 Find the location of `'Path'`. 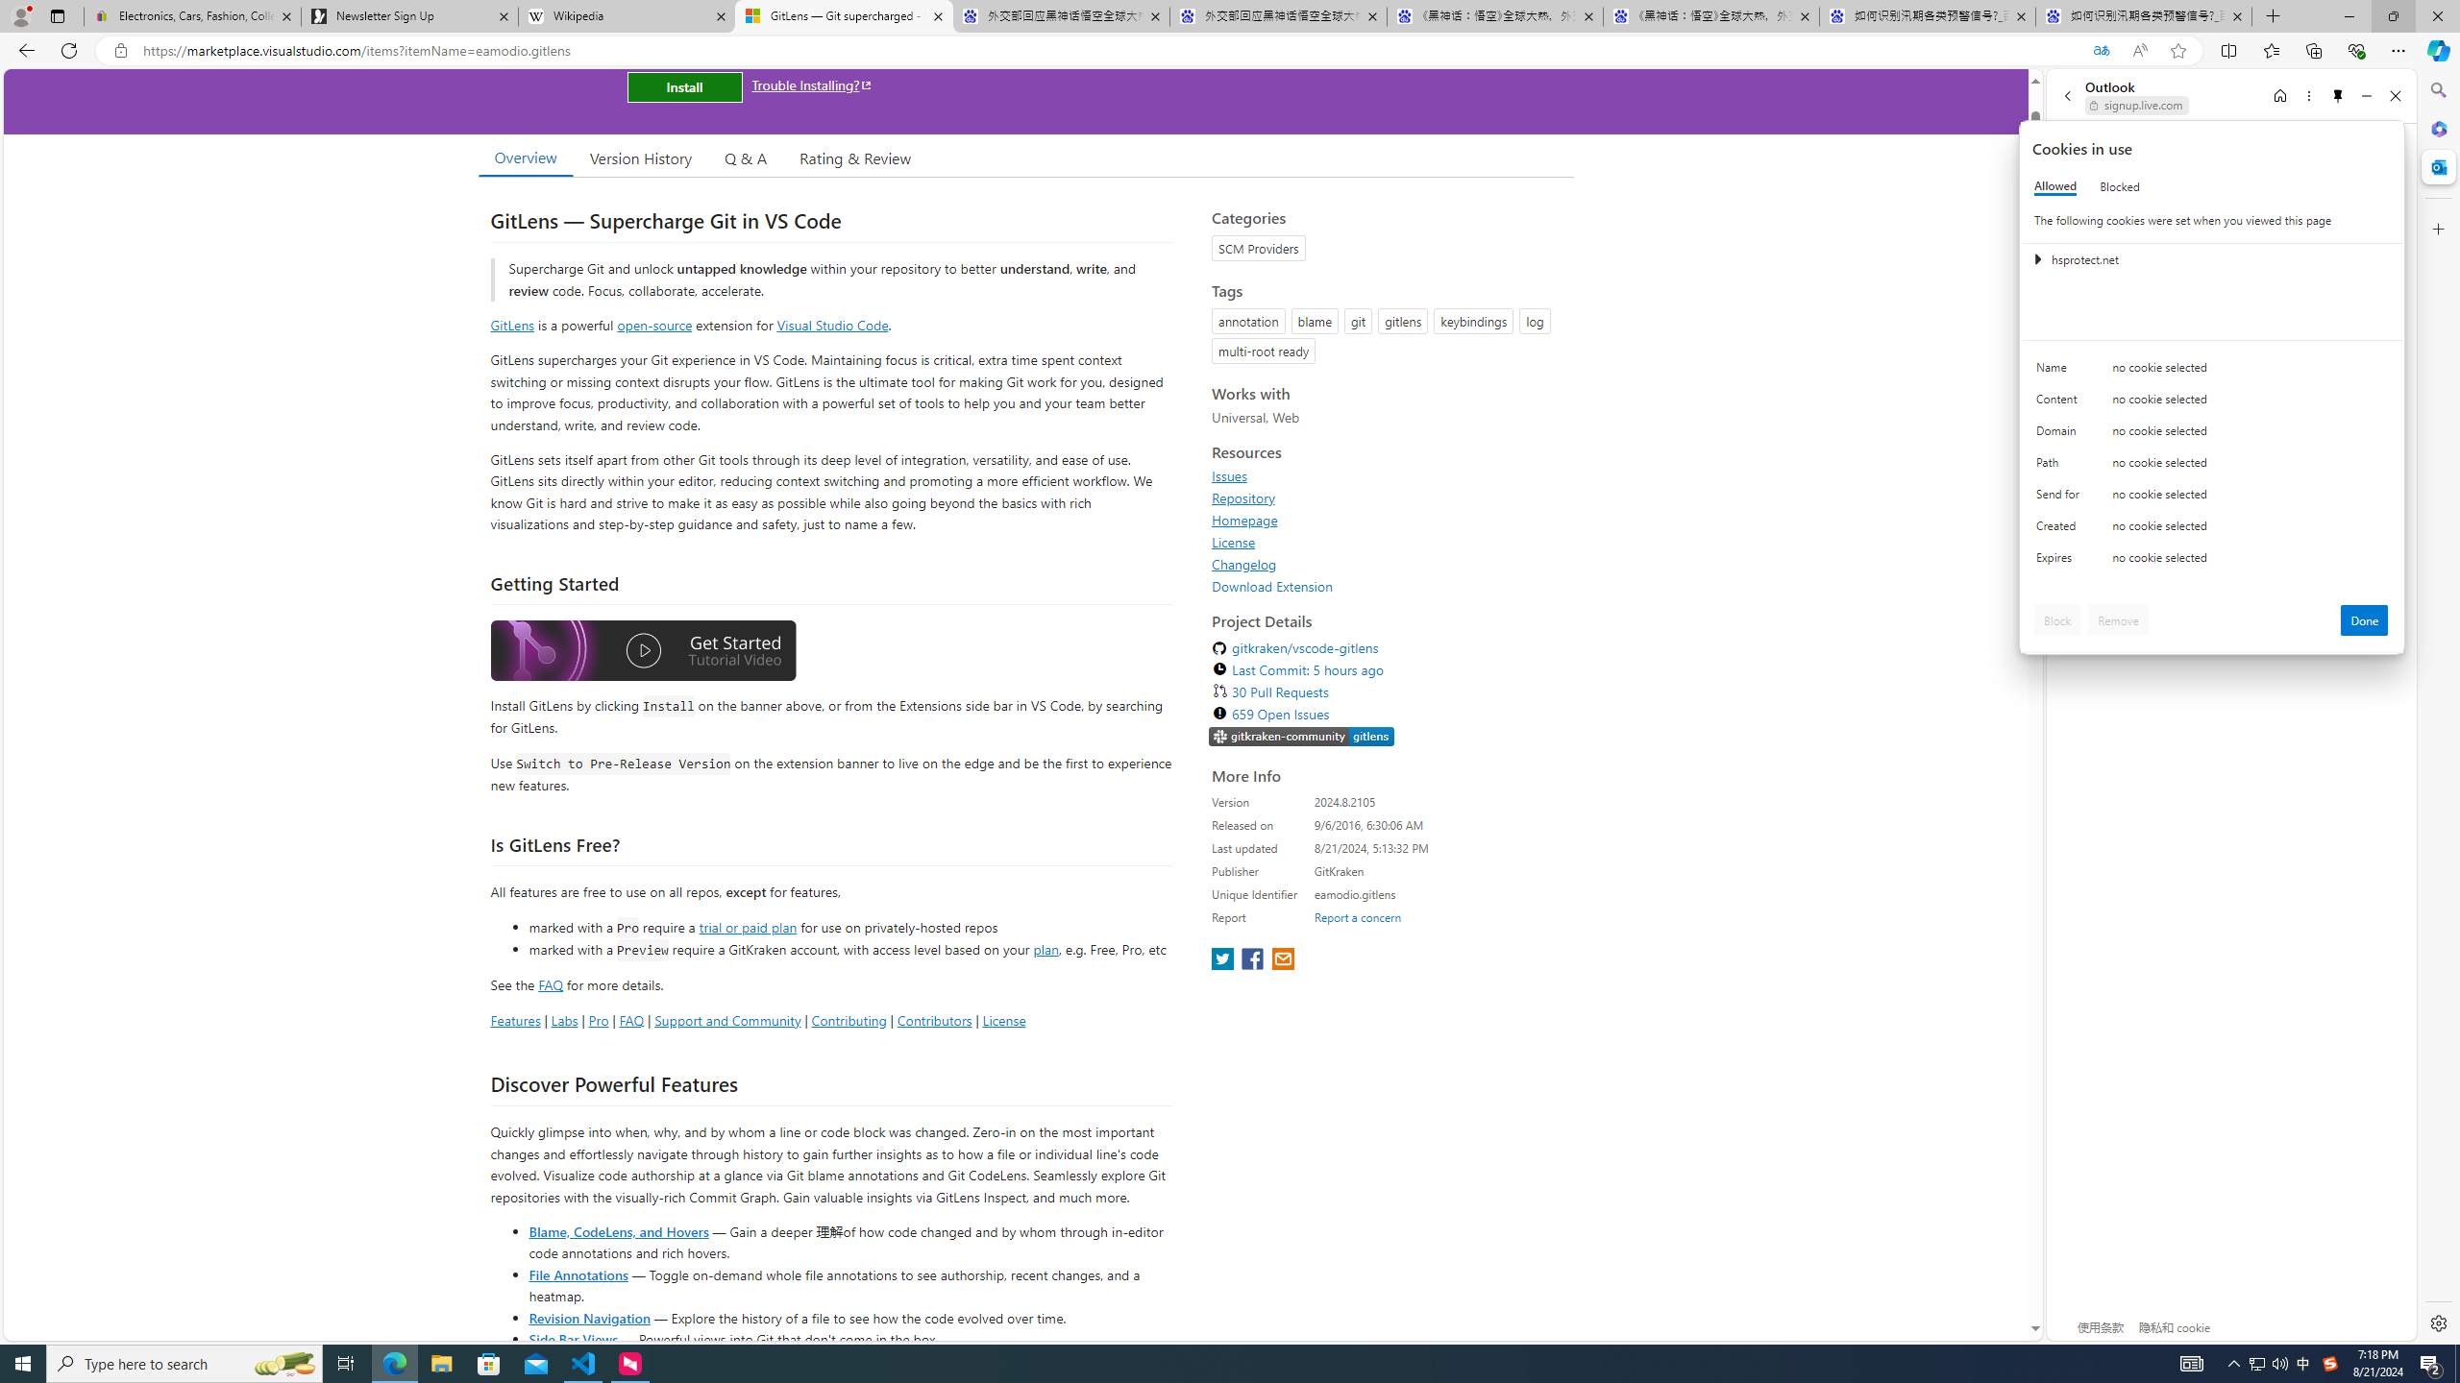

'Path' is located at coordinates (2060, 467).